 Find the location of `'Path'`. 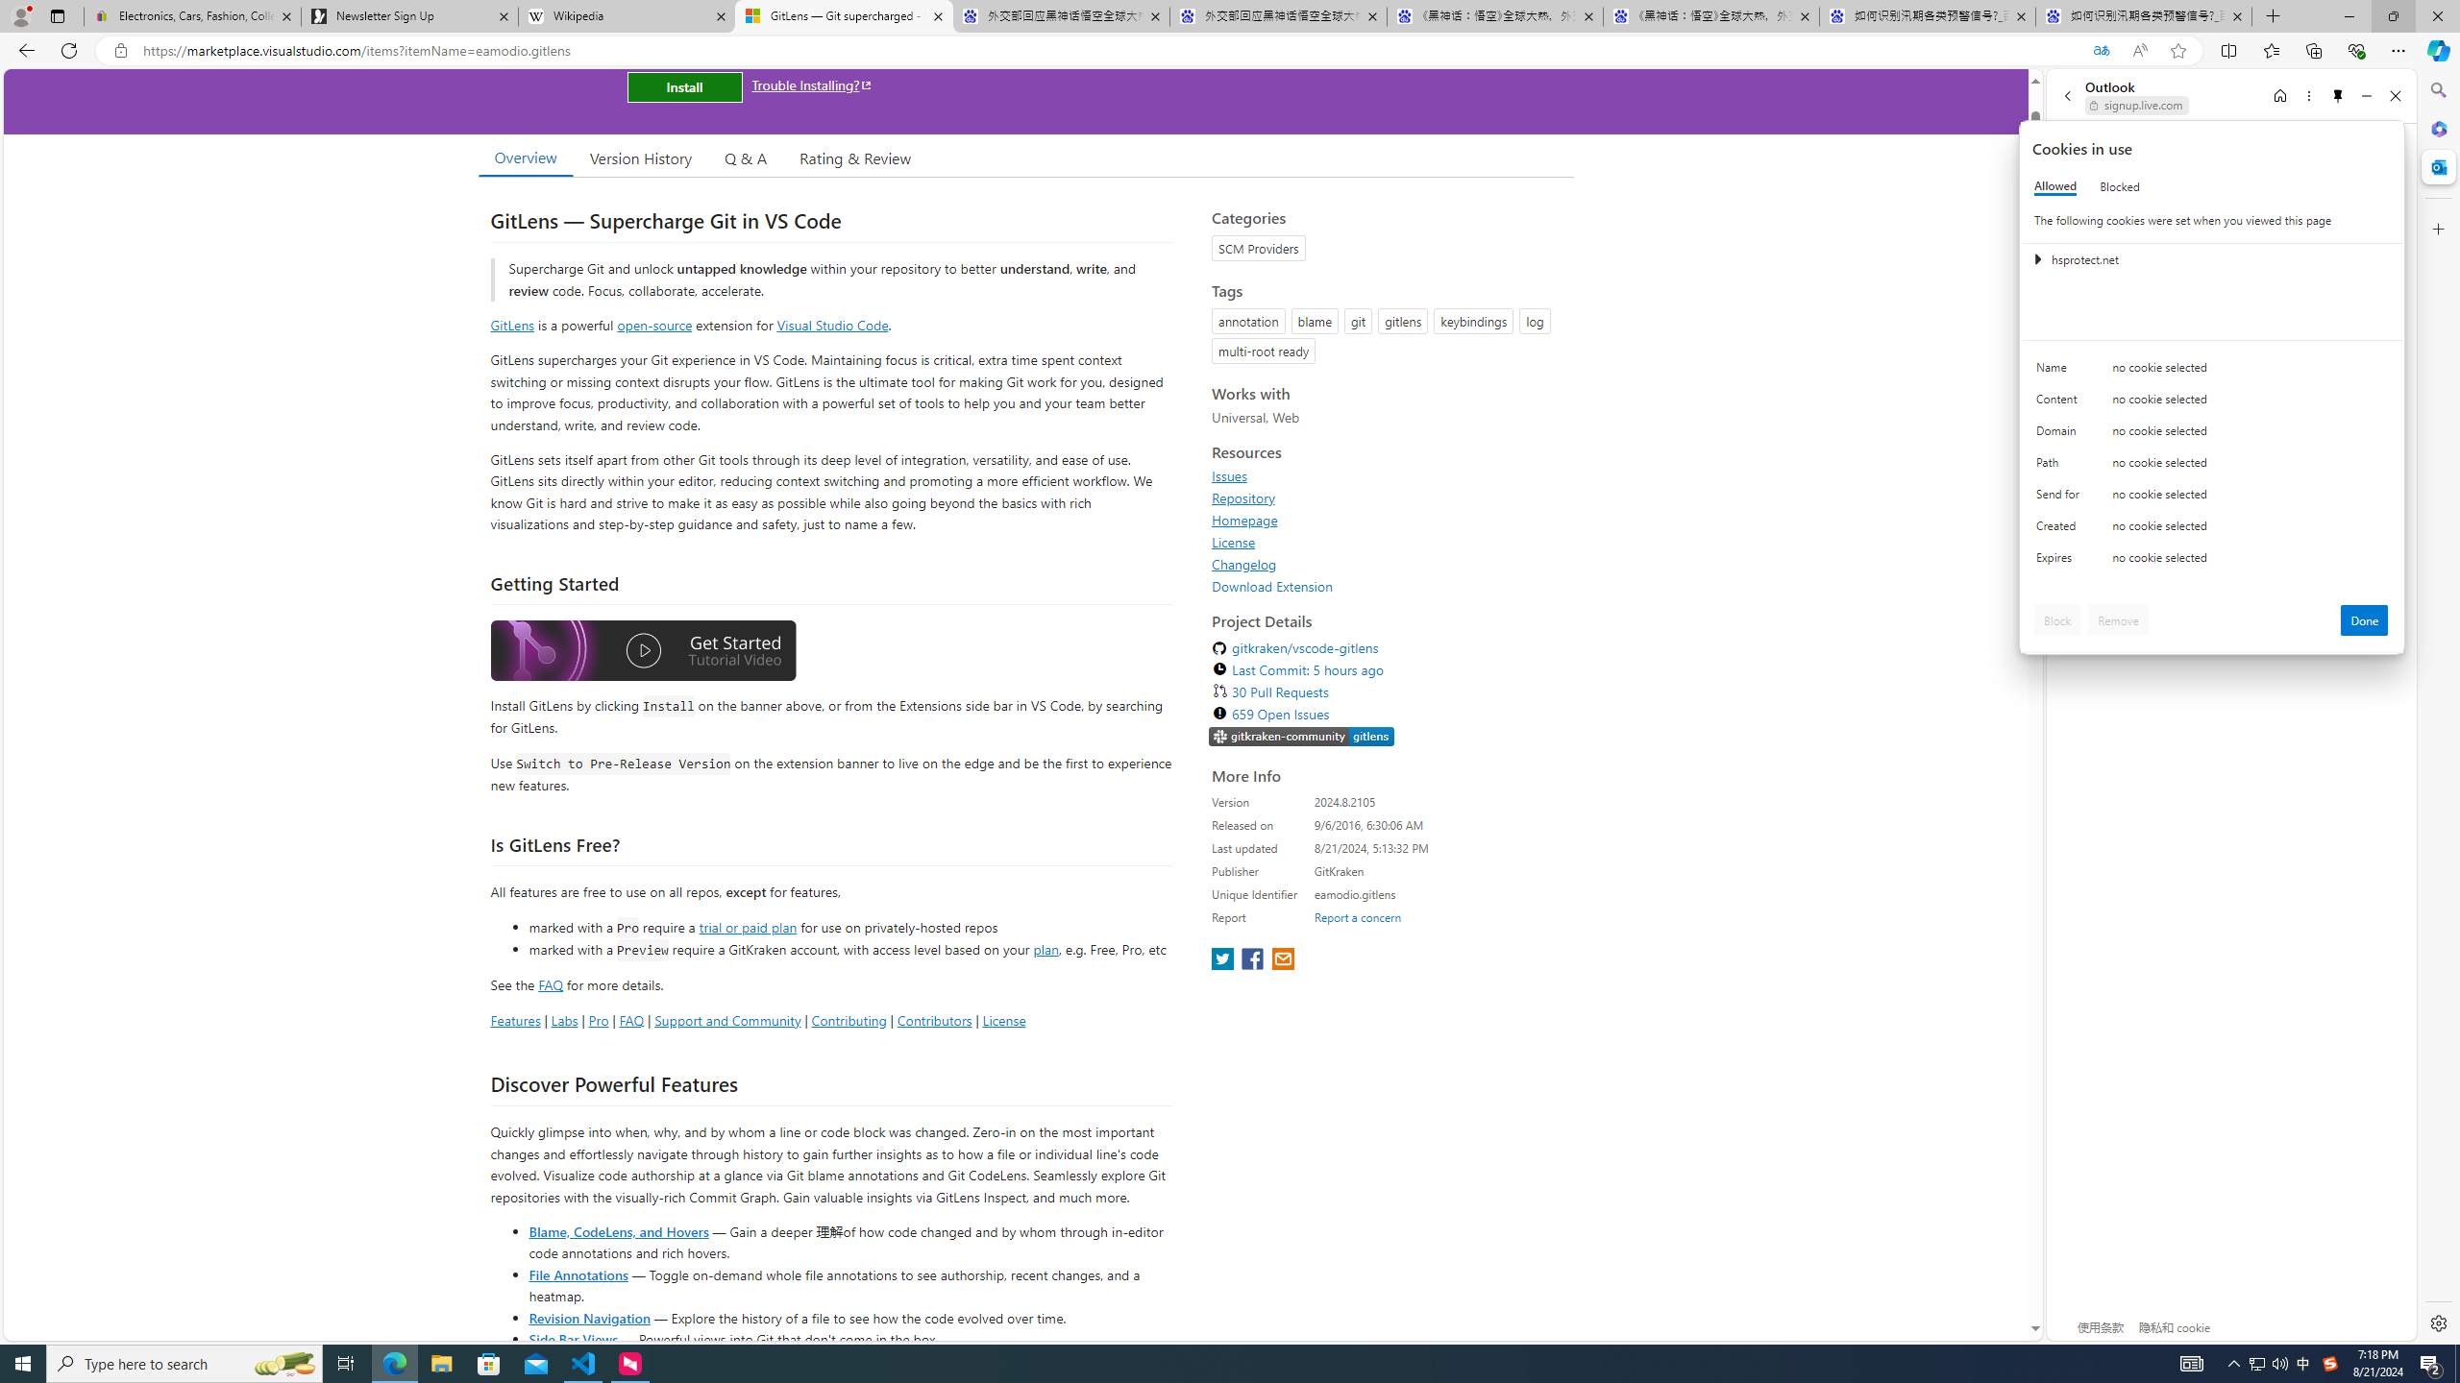

'Path' is located at coordinates (2060, 467).